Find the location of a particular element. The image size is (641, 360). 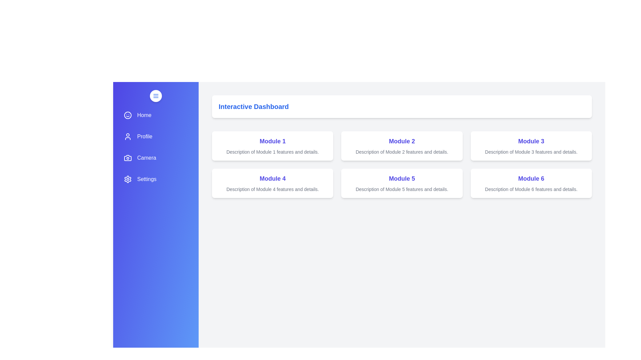

the 'Camera' text label in the sidebar navigation menu is located at coordinates (146, 158).